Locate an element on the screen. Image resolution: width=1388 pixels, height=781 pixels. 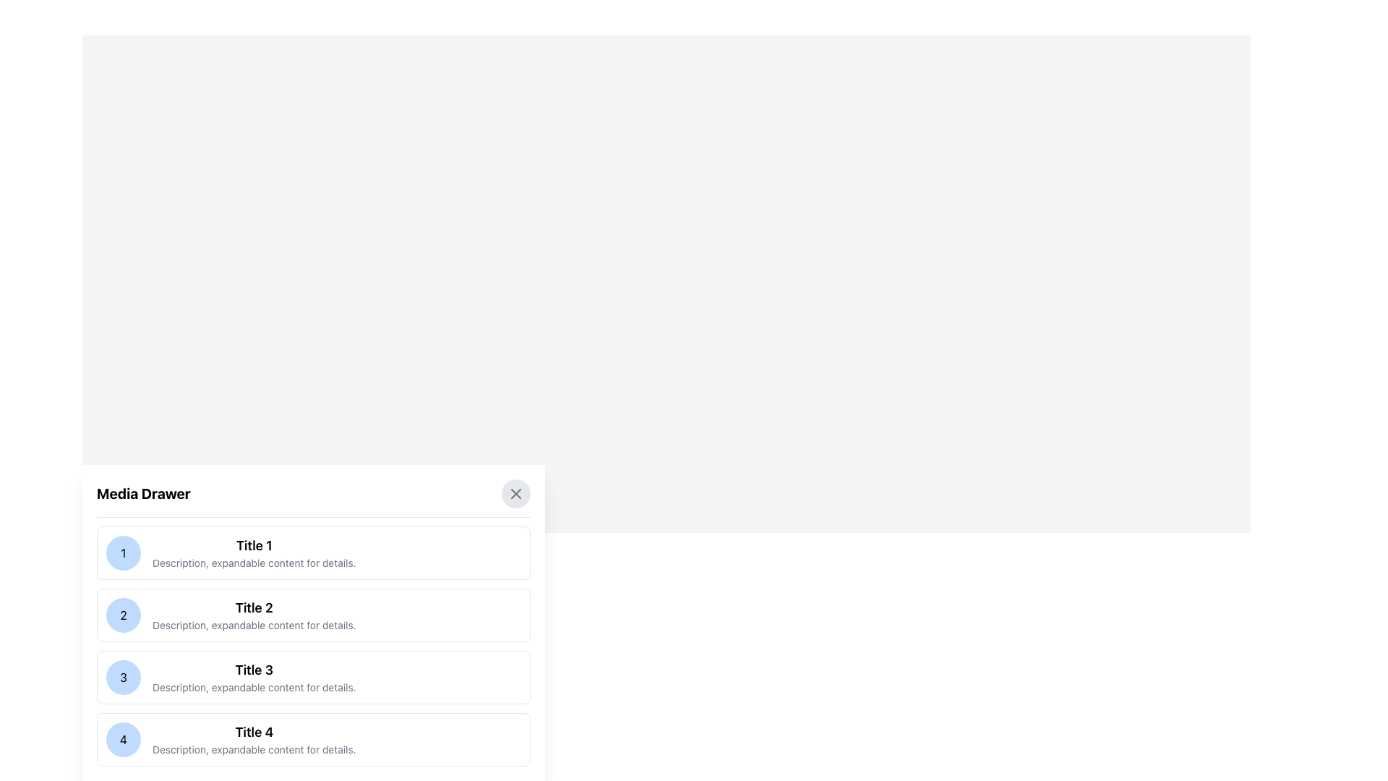
the descriptive text label that provides additional information about the list item, located below 'Title 1' in the first entry of a vertical list is located at coordinates (254, 563).